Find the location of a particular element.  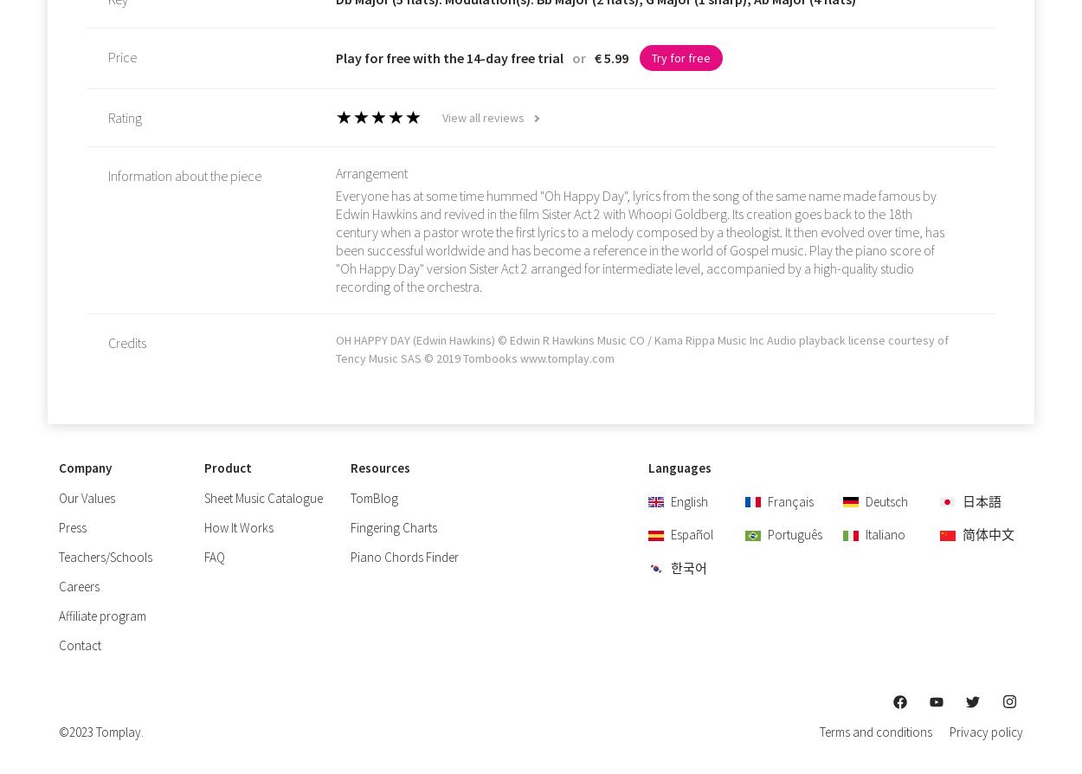

'View all reviews' is located at coordinates (441, 117).